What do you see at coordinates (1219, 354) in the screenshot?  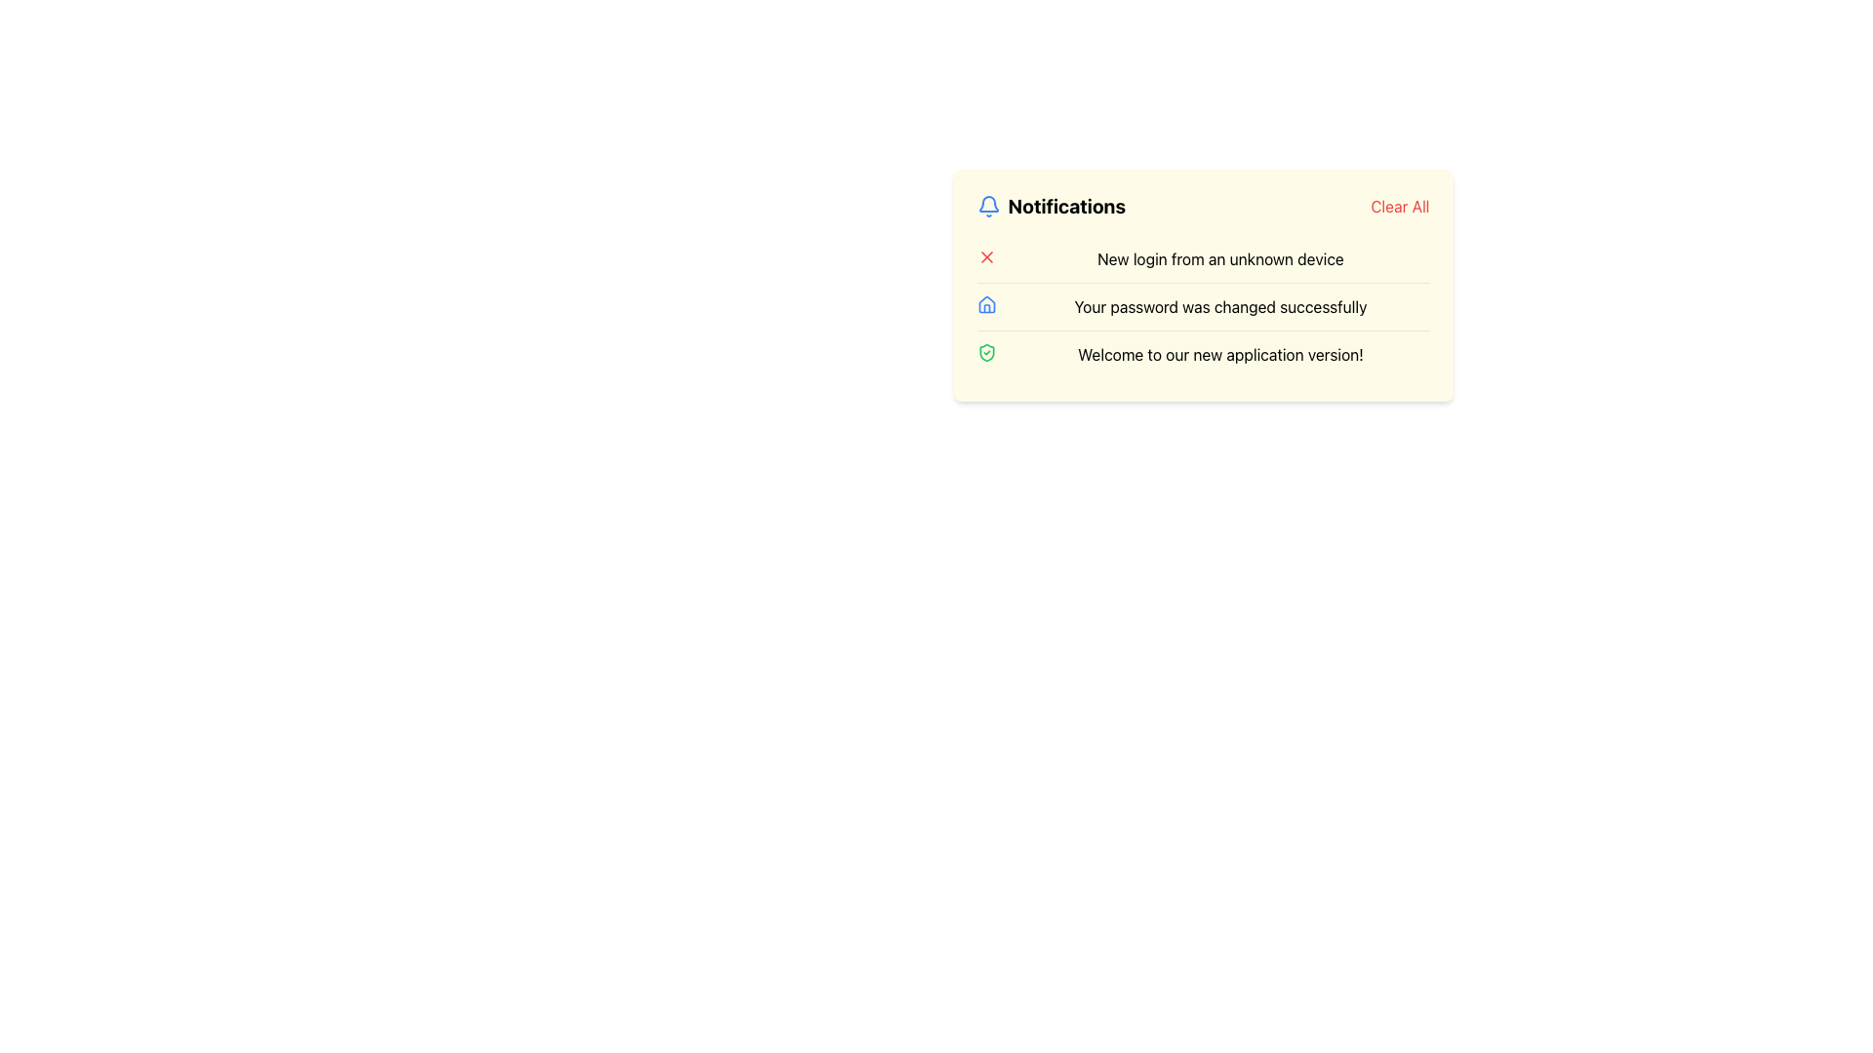 I see `the notification message indicating the new application version in the Notifications panel, located at the bottom-most space in the listed notifications` at bounding box center [1219, 354].